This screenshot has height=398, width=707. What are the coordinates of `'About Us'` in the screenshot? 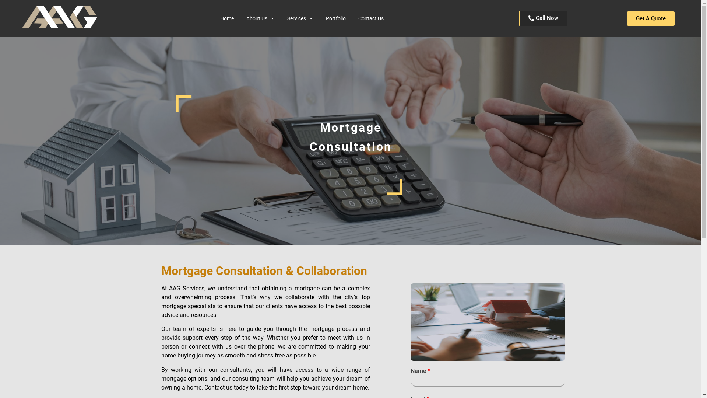 It's located at (242, 18).